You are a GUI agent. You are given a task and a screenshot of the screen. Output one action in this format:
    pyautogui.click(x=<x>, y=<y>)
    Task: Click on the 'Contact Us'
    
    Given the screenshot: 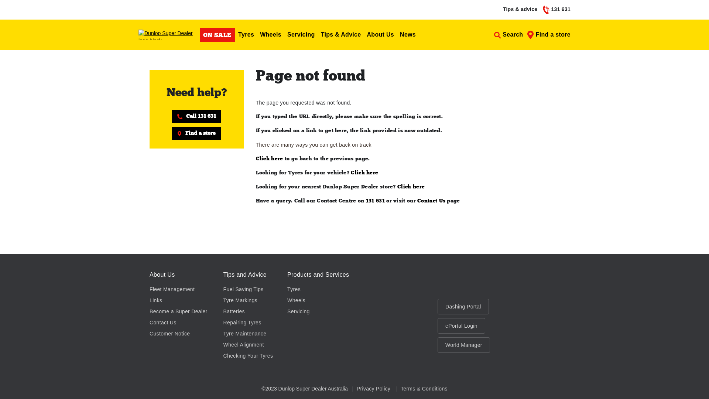 What is the action you would take?
    pyautogui.click(x=431, y=201)
    